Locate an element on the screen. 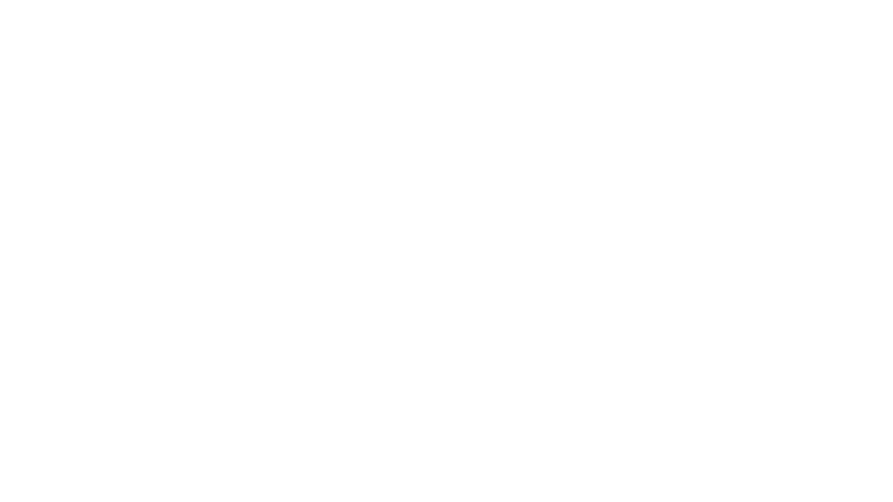 This screenshot has height=502, width=893. Select 4:00 PM on Mon, Jun 27, 2022 is located at coordinates (661, 132).